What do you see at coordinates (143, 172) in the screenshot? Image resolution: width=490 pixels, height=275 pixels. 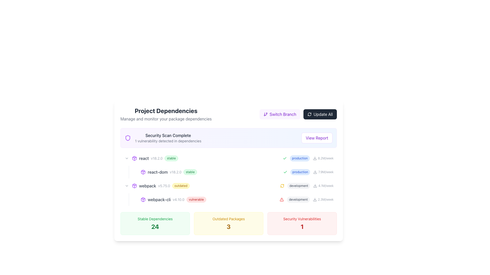 I see `the 3D box or package icon graphic, which is the first icon in the vertical sequence representing React-related dependencies in the project items section` at bounding box center [143, 172].